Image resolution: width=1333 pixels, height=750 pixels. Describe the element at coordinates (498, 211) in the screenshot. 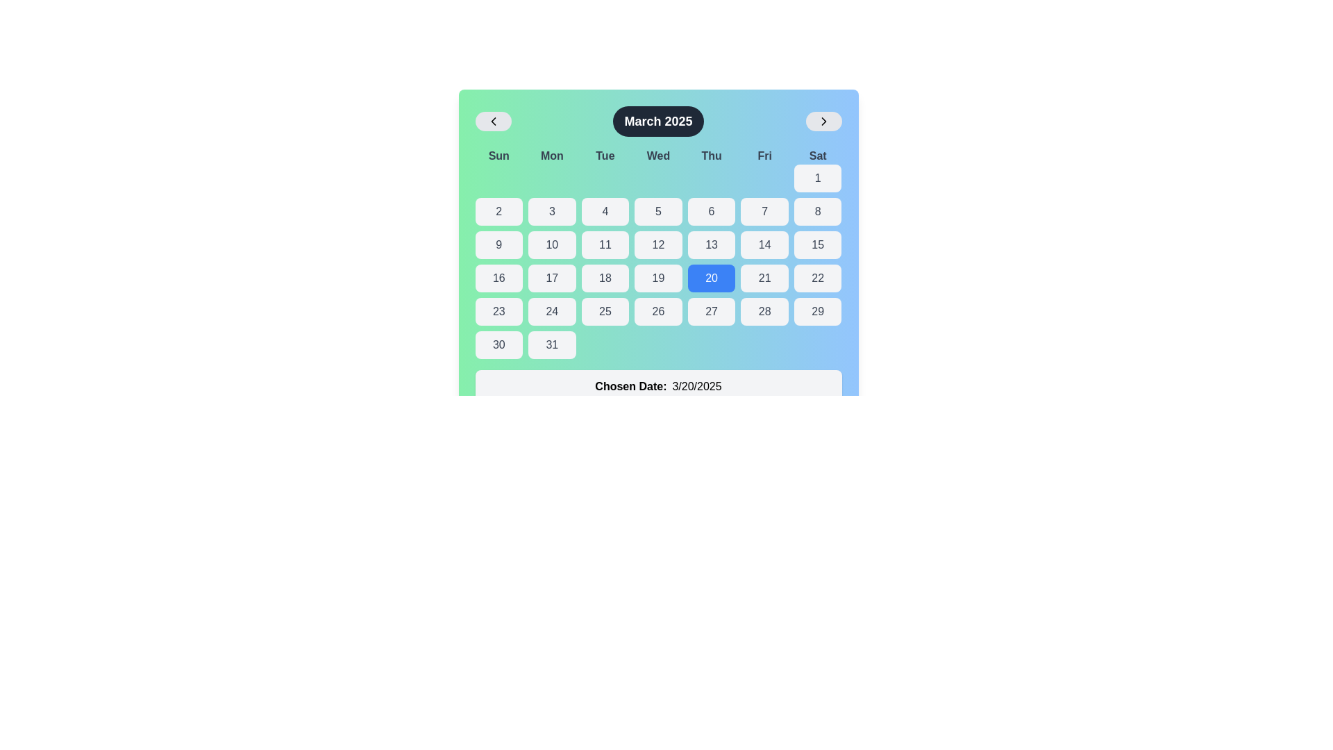

I see `the rounded rectangular button with a light gray background and dark gray text displaying the number '2', which is the second button in the second row of the grid` at that location.